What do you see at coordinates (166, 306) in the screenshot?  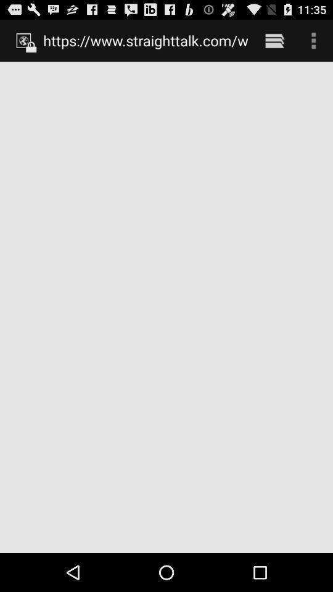 I see `the icon below https www straighttalk` at bounding box center [166, 306].